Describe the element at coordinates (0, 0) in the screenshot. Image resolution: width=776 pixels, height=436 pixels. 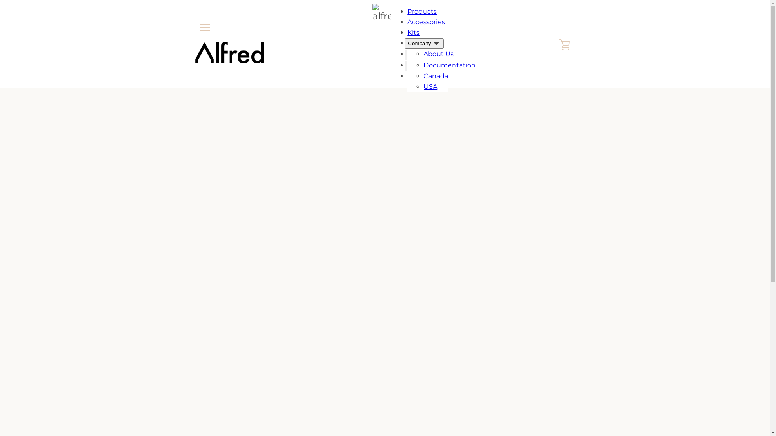
I see `'Skip to content'` at that location.